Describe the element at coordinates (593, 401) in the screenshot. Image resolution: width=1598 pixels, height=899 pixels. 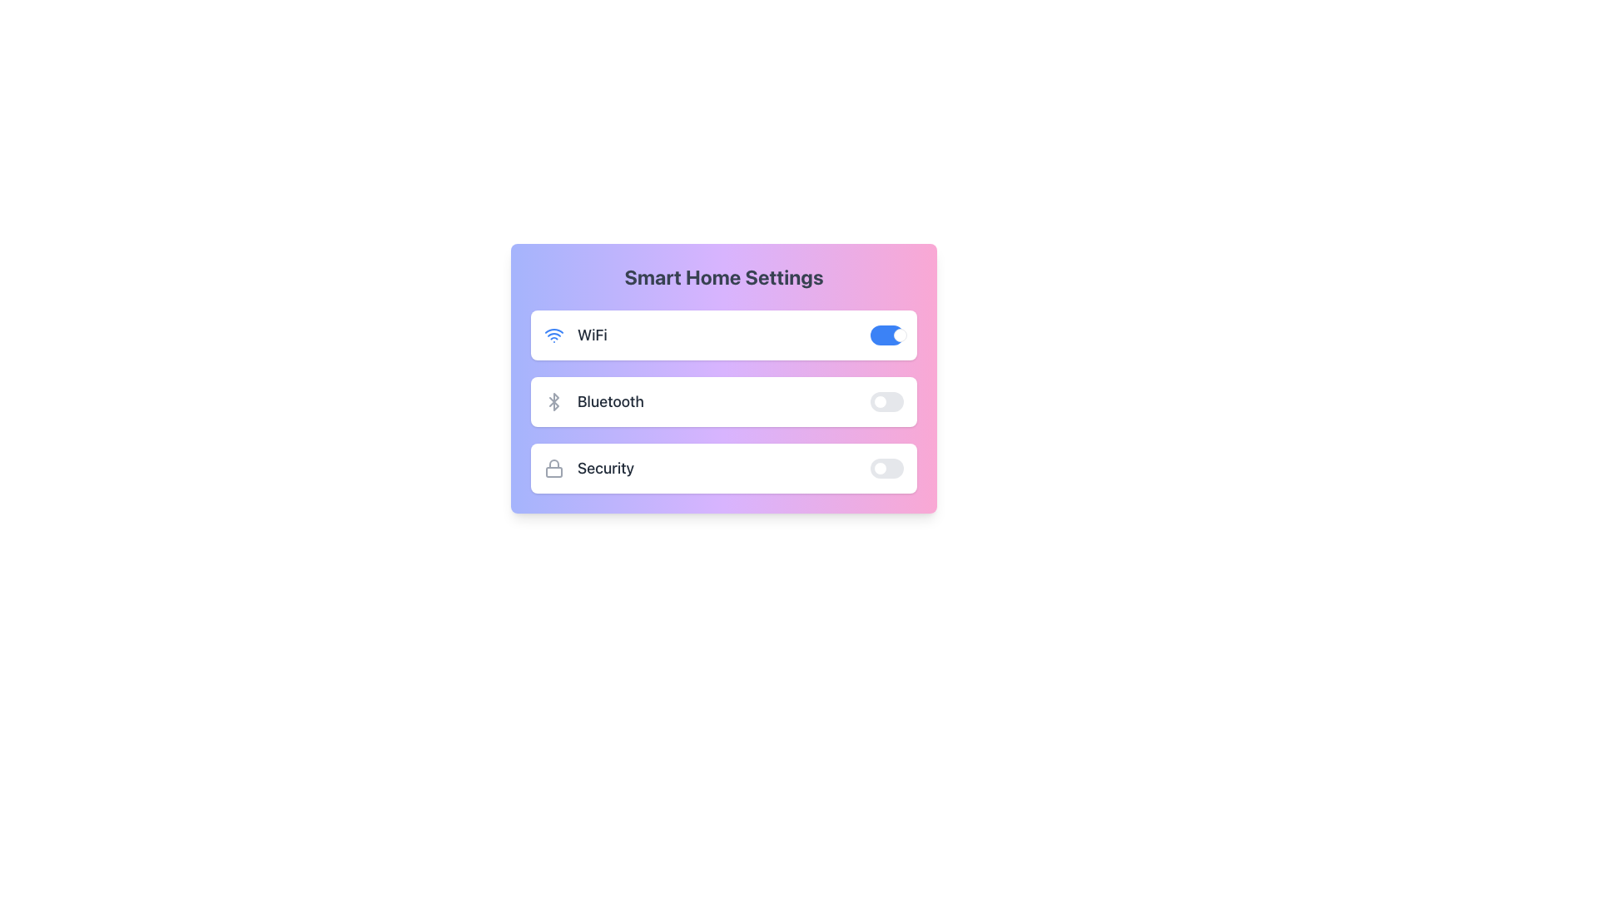
I see `the 'Bluetooth' text label and icon in the settings options list, which is the second item below 'WiFi' and above 'Security'` at that location.